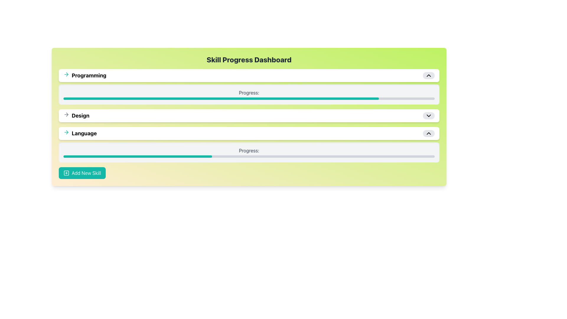 This screenshot has width=567, height=319. What do you see at coordinates (249, 133) in the screenshot?
I see `the third interactive row in the skill progress dashboard` at bounding box center [249, 133].